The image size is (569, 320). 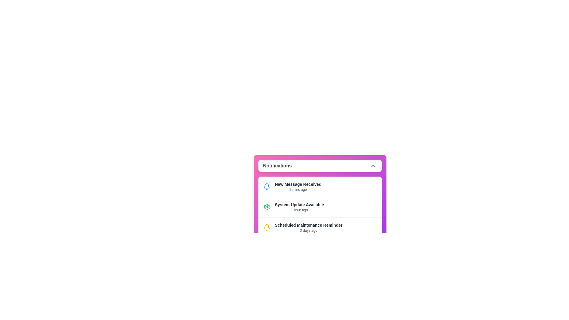 What do you see at coordinates (308, 227) in the screenshot?
I see `text from the third listed notification entry in the notification dropdown, which contains 'Scheduled Maintenance Reminder' and '3 days ago'` at bounding box center [308, 227].